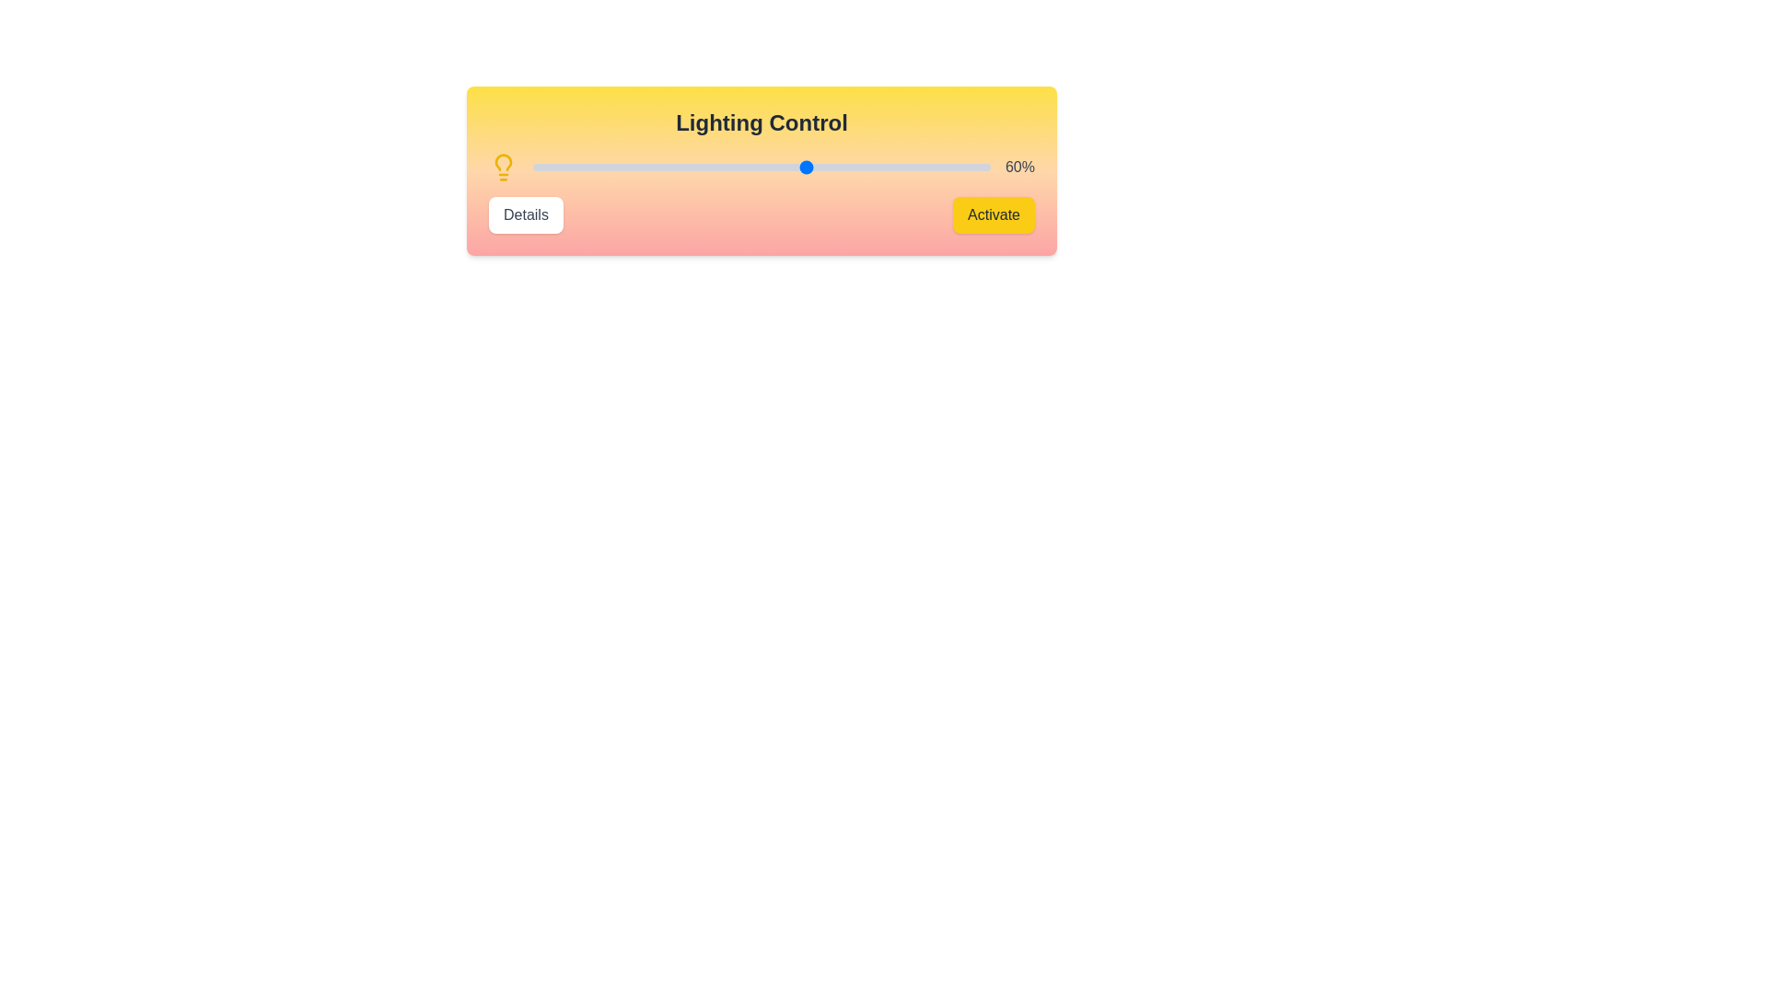 The height and width of the screenshot is (994, 1768). What do you see at coordinates (993, 214) in the screenshot?
I see `the 'Activate' button to turn on the light` at bounding box center [993, 214].